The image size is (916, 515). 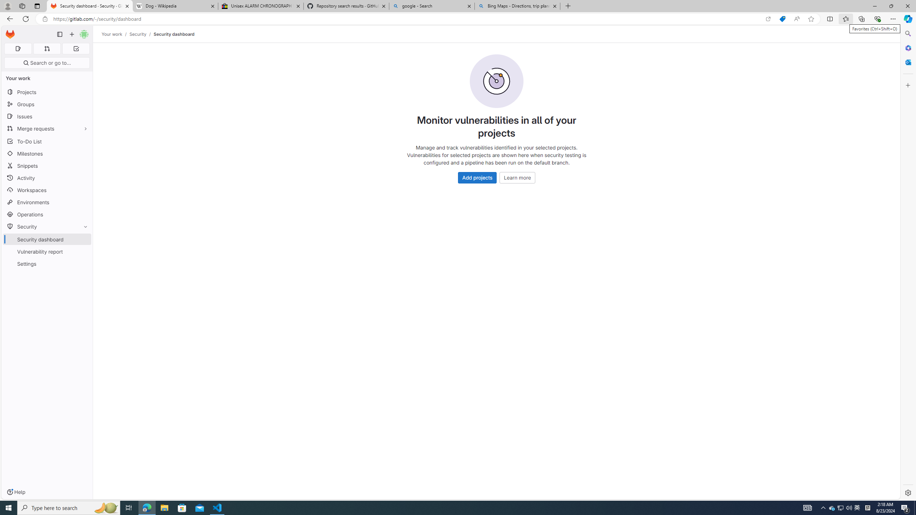 What do you see at coordinates (907, 62) in the screenshot?
I see `'Outlook'` at bounding box center [907, 62].